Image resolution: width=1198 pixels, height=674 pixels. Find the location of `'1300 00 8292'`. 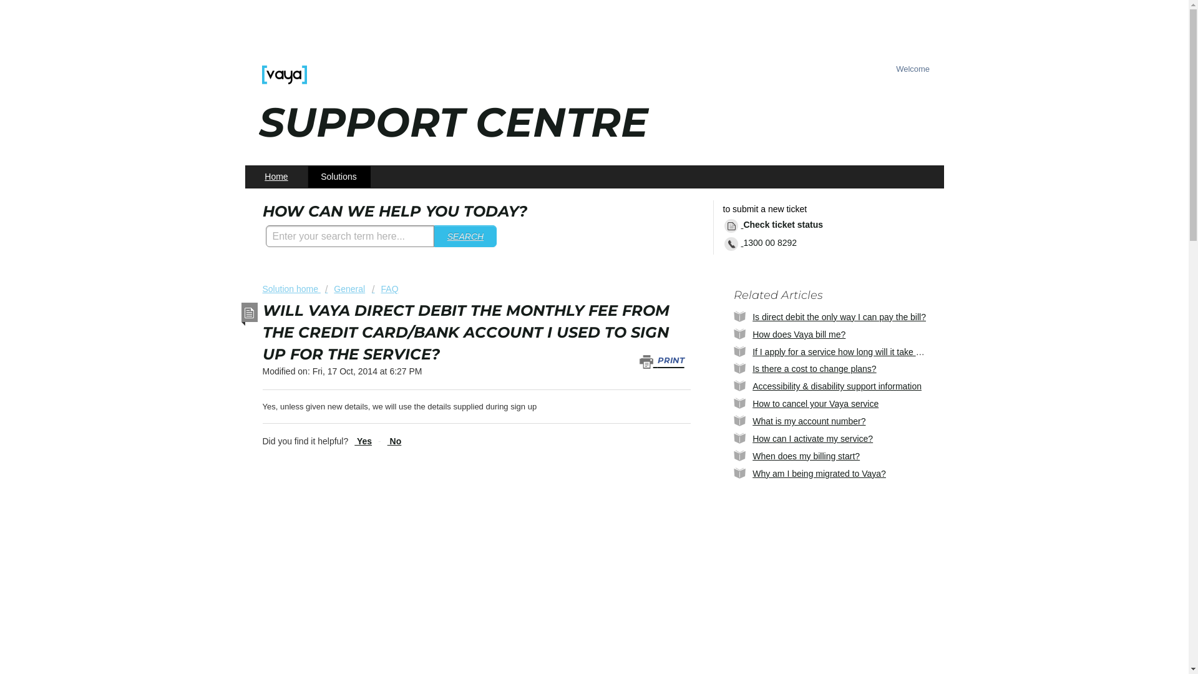

'1300 00 8292' is located at coordinates (723, 243).